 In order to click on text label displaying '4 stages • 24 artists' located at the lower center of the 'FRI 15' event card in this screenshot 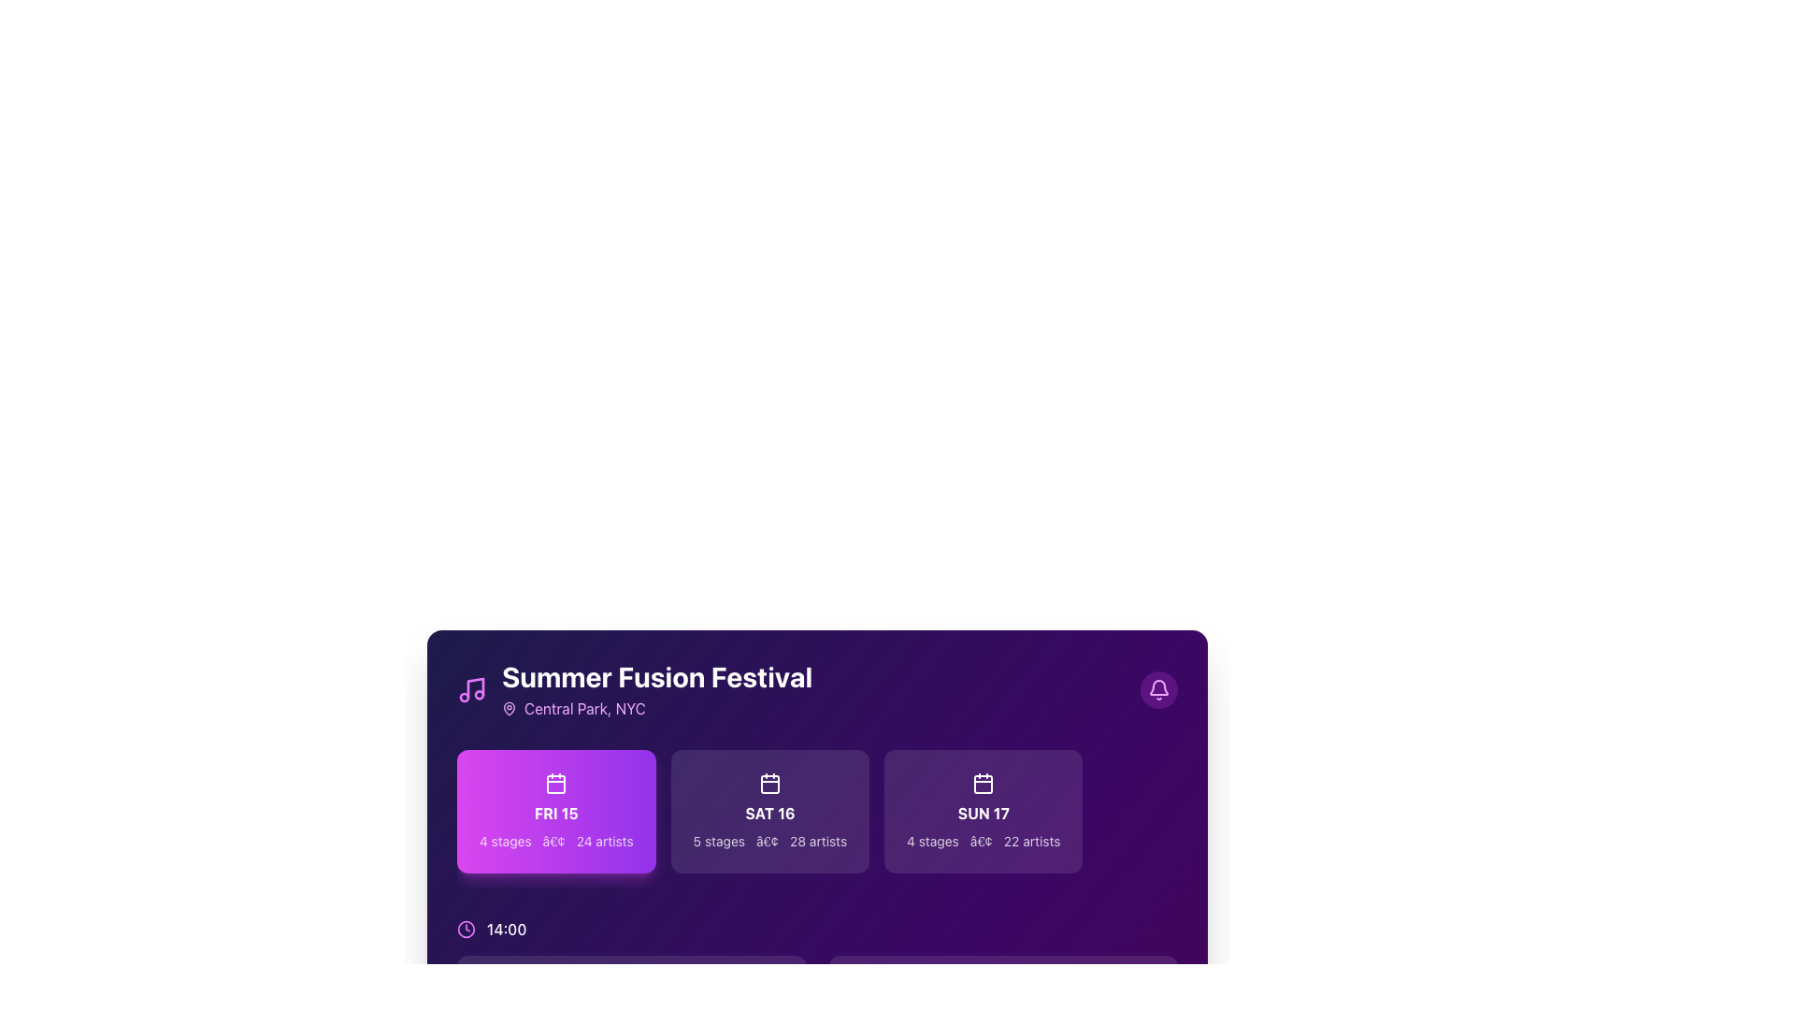, I will do `click(555, 840)`.